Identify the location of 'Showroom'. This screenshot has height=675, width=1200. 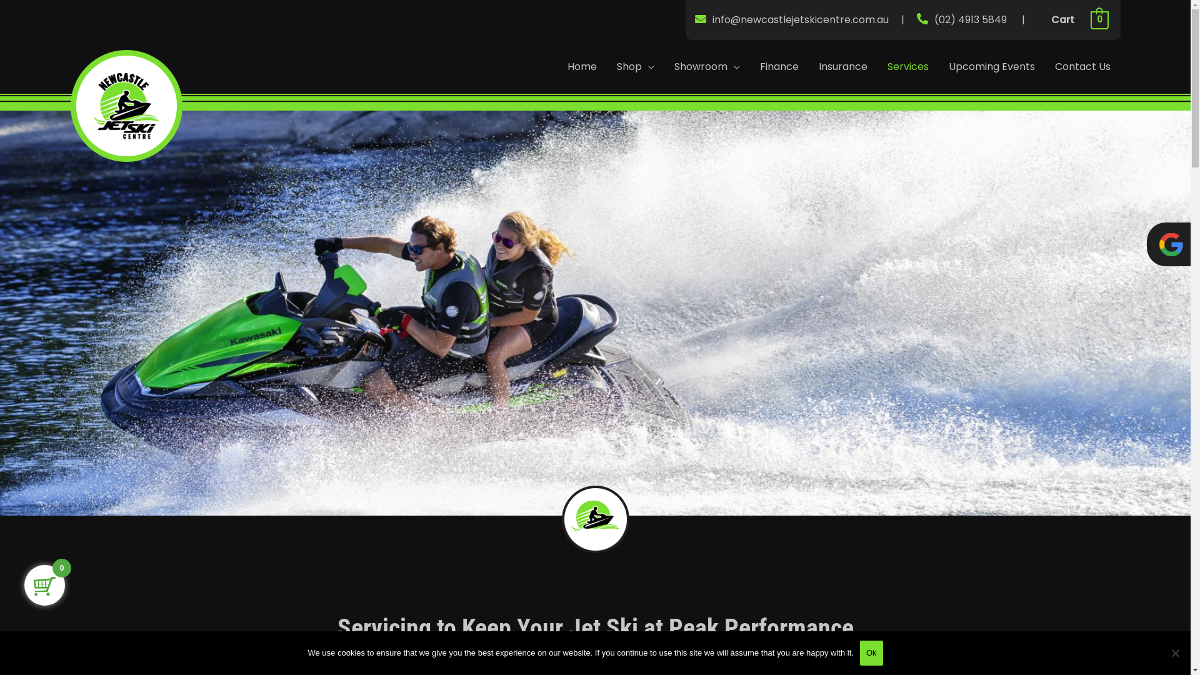
(706, 67).